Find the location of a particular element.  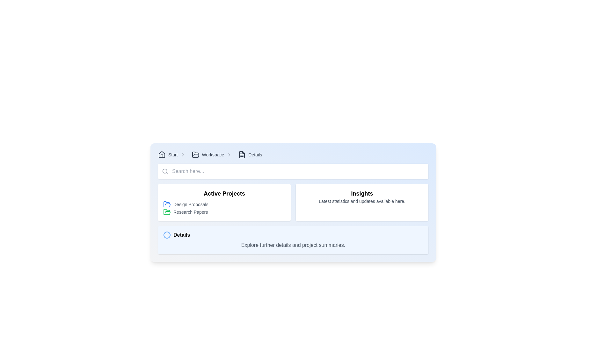

the bold and large 'Insights' title text located at the top center of the right-hand content card is located at coordinates (362, 193).